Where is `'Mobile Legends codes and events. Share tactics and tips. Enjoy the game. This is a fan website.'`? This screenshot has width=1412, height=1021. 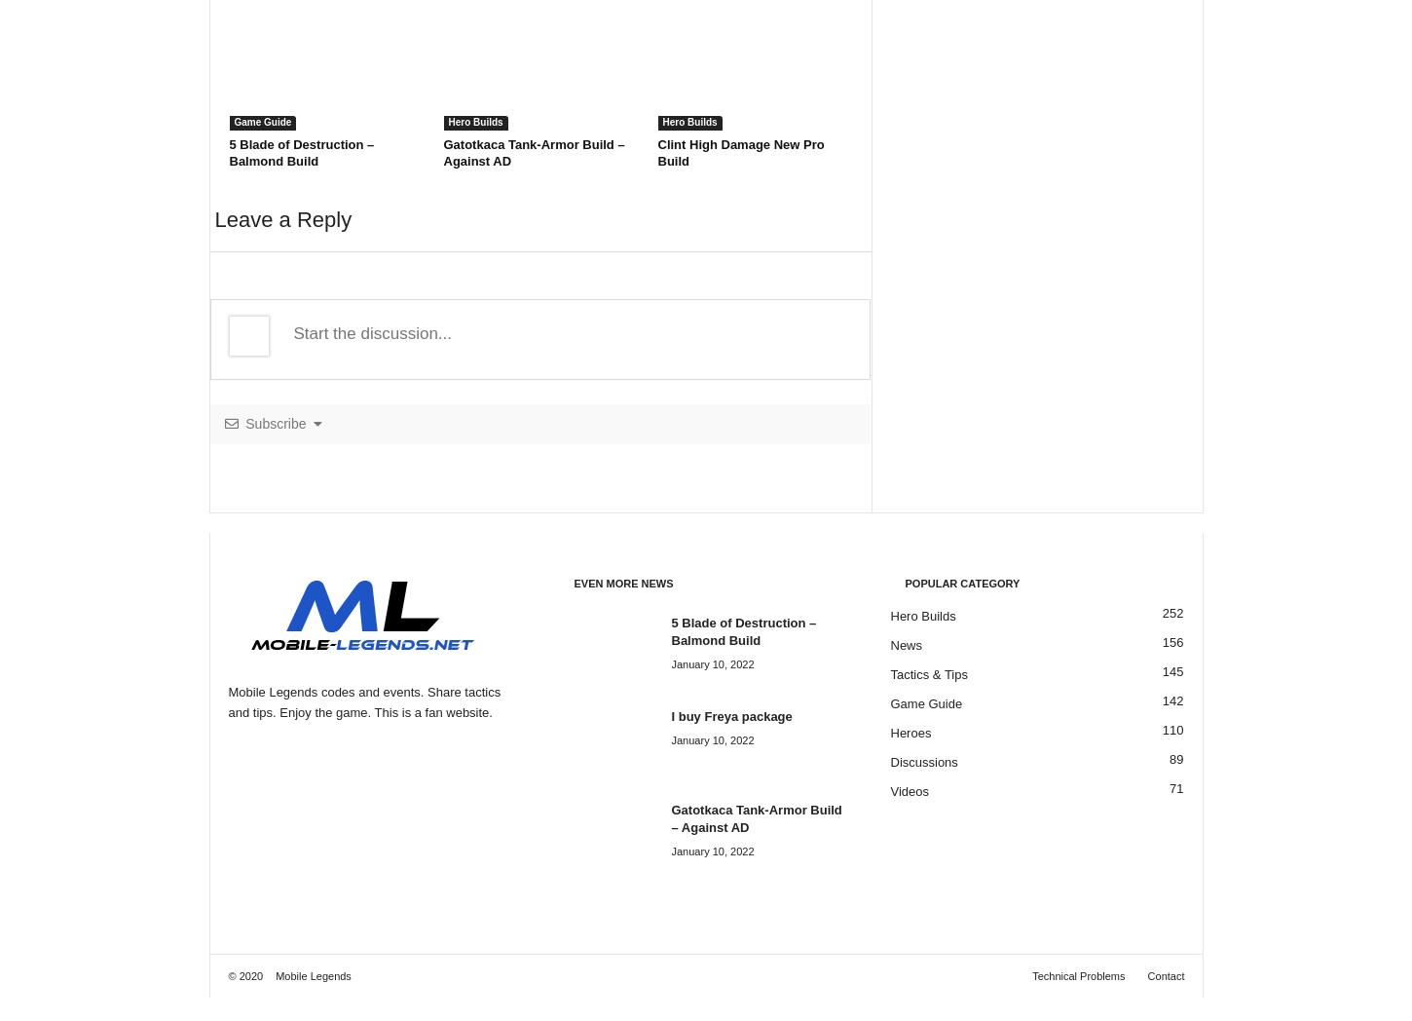 'Mobile Legends codes and events. Share tactics and tips. Enjoy the game. This is a fan website.' is located at coordinates (362, 701).